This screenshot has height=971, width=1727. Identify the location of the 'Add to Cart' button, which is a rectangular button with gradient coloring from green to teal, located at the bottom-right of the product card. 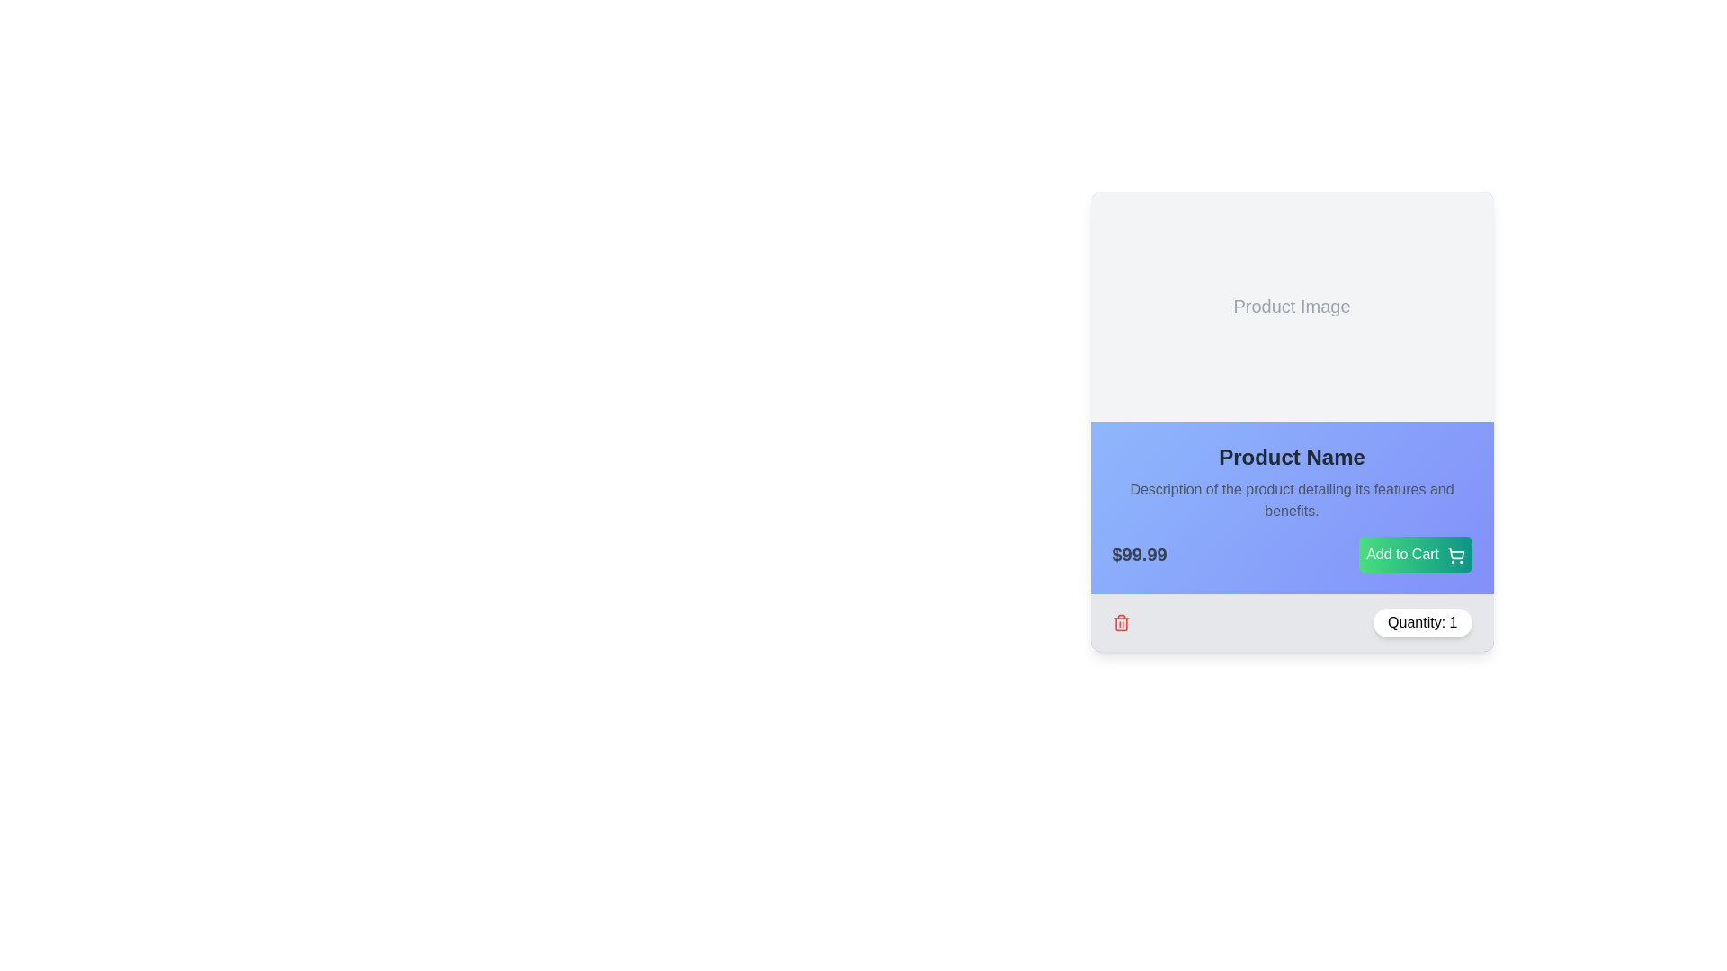
(1414, 554).